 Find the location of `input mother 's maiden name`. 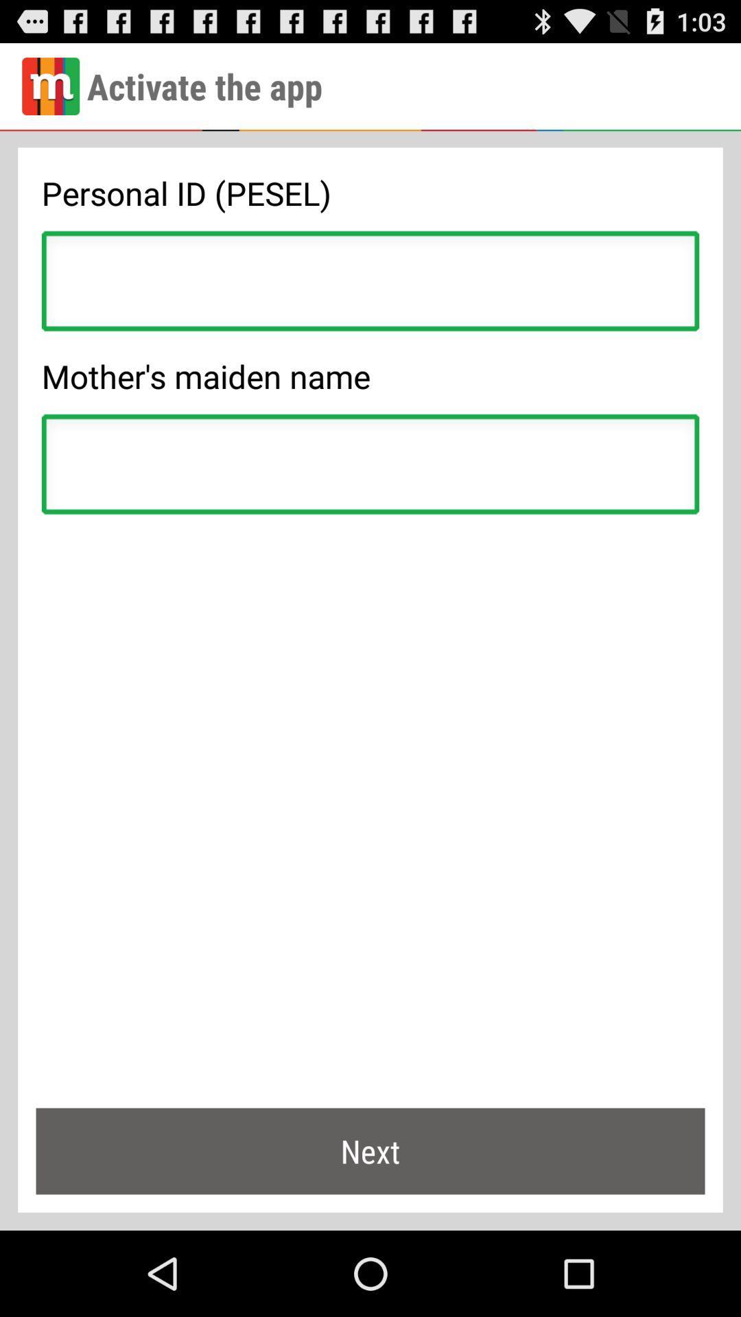

input mother 's maiden name is located at coordinates (370, 468).